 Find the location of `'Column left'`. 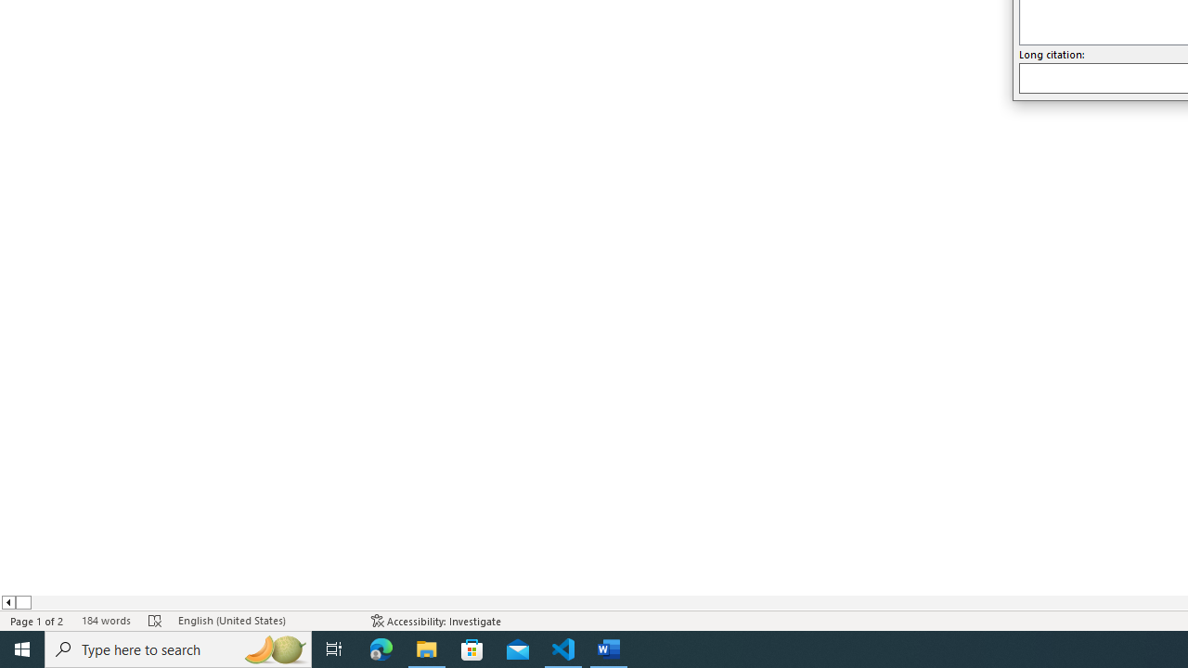

'Column left' is located at coordinates (7, 602).